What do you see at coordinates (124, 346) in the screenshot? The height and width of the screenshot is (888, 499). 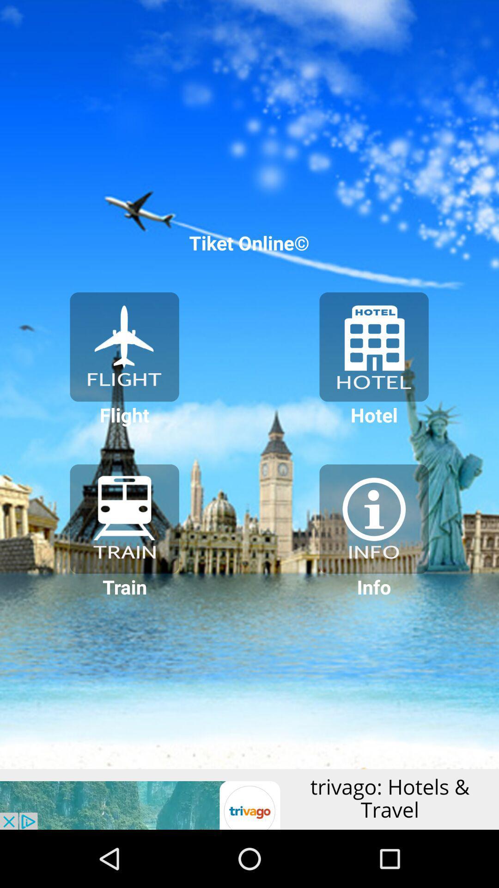 I see `plans the flight` at bounding box center [124, 346].